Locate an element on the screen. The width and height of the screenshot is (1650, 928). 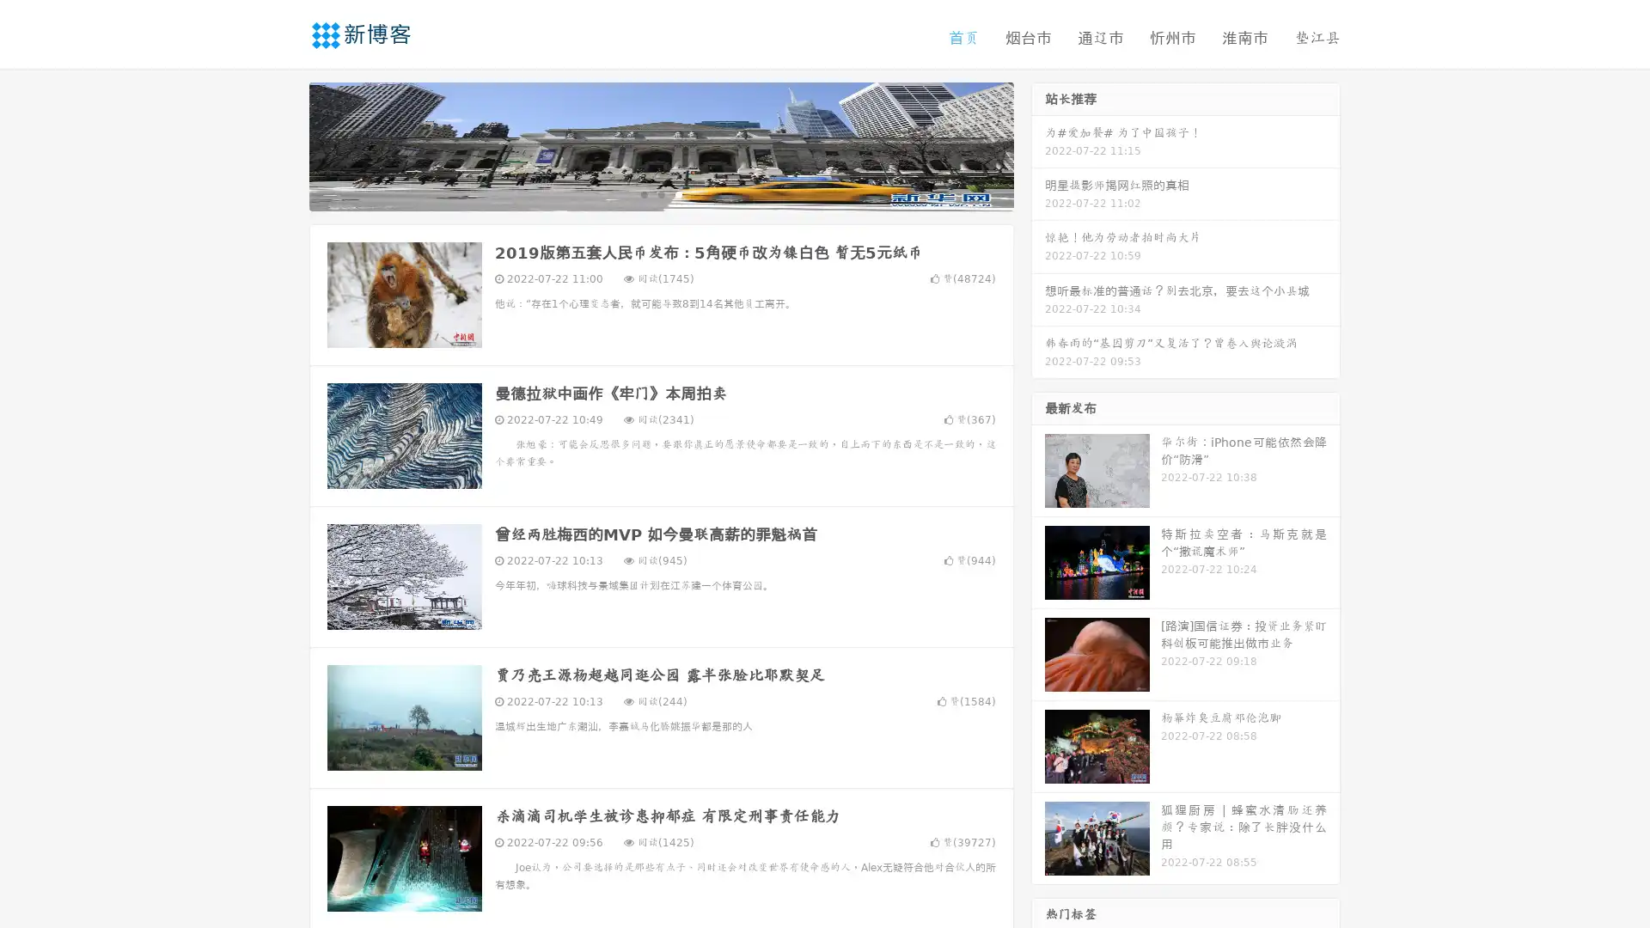
Go to slide 2 is located at coordinates (660, 193).